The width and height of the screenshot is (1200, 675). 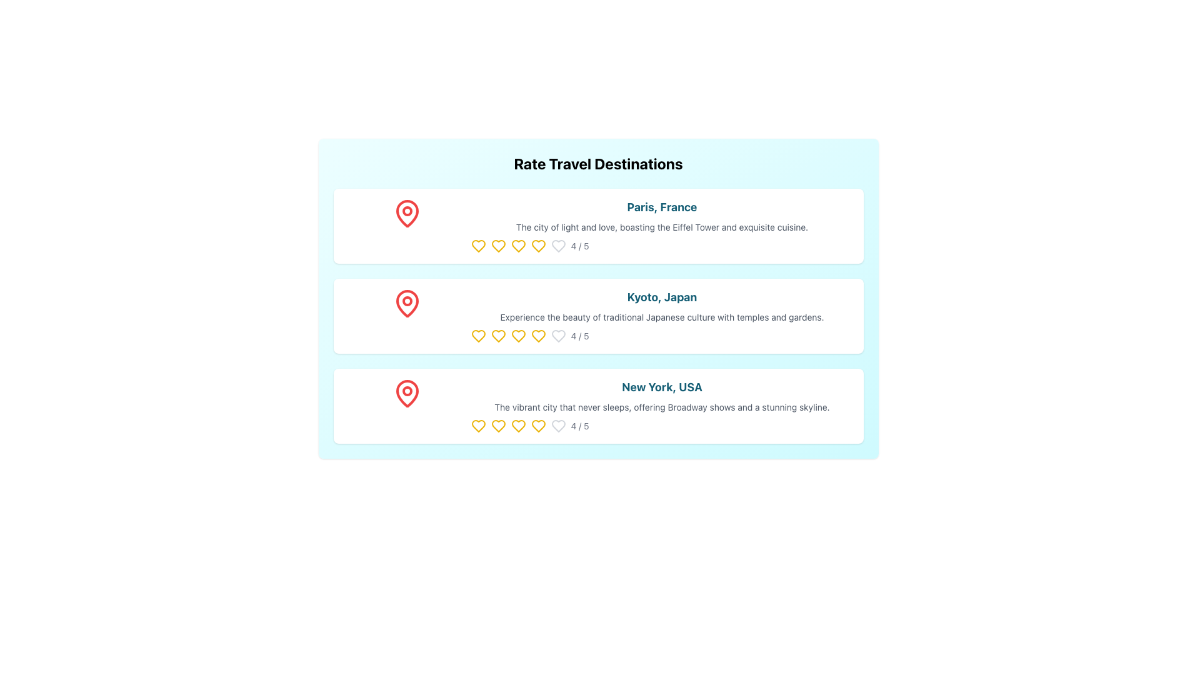 What do you see at coordinates (497, 335) in the screenshot?
I see `the second heart-shaped rating icon under the 'Kyoto, Japan' section to enlarge it through CSS transformation` at bounding box center [497, 335].